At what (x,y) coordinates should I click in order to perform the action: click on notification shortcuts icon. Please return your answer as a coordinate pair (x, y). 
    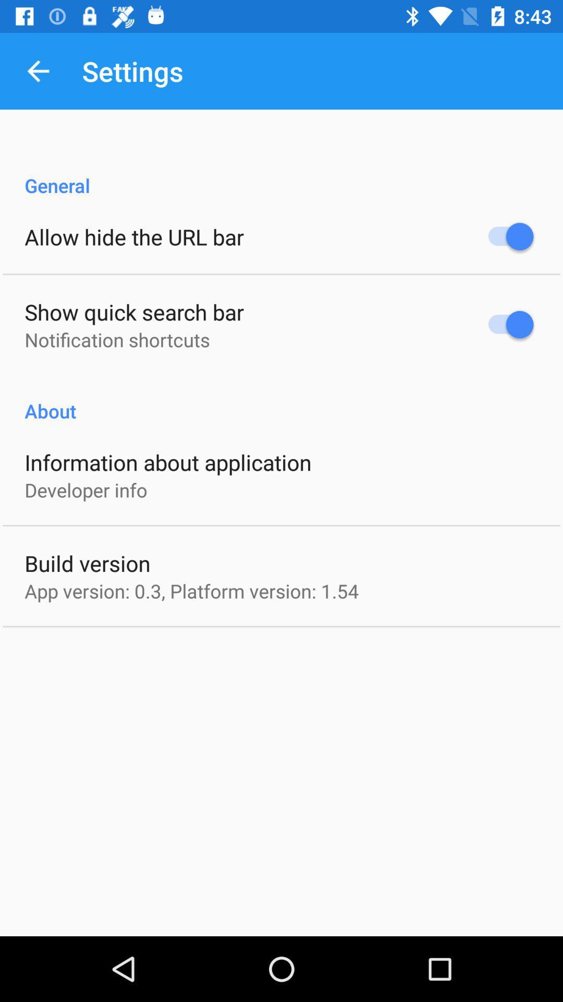
    Looking at the image, I should click on (117, 340).